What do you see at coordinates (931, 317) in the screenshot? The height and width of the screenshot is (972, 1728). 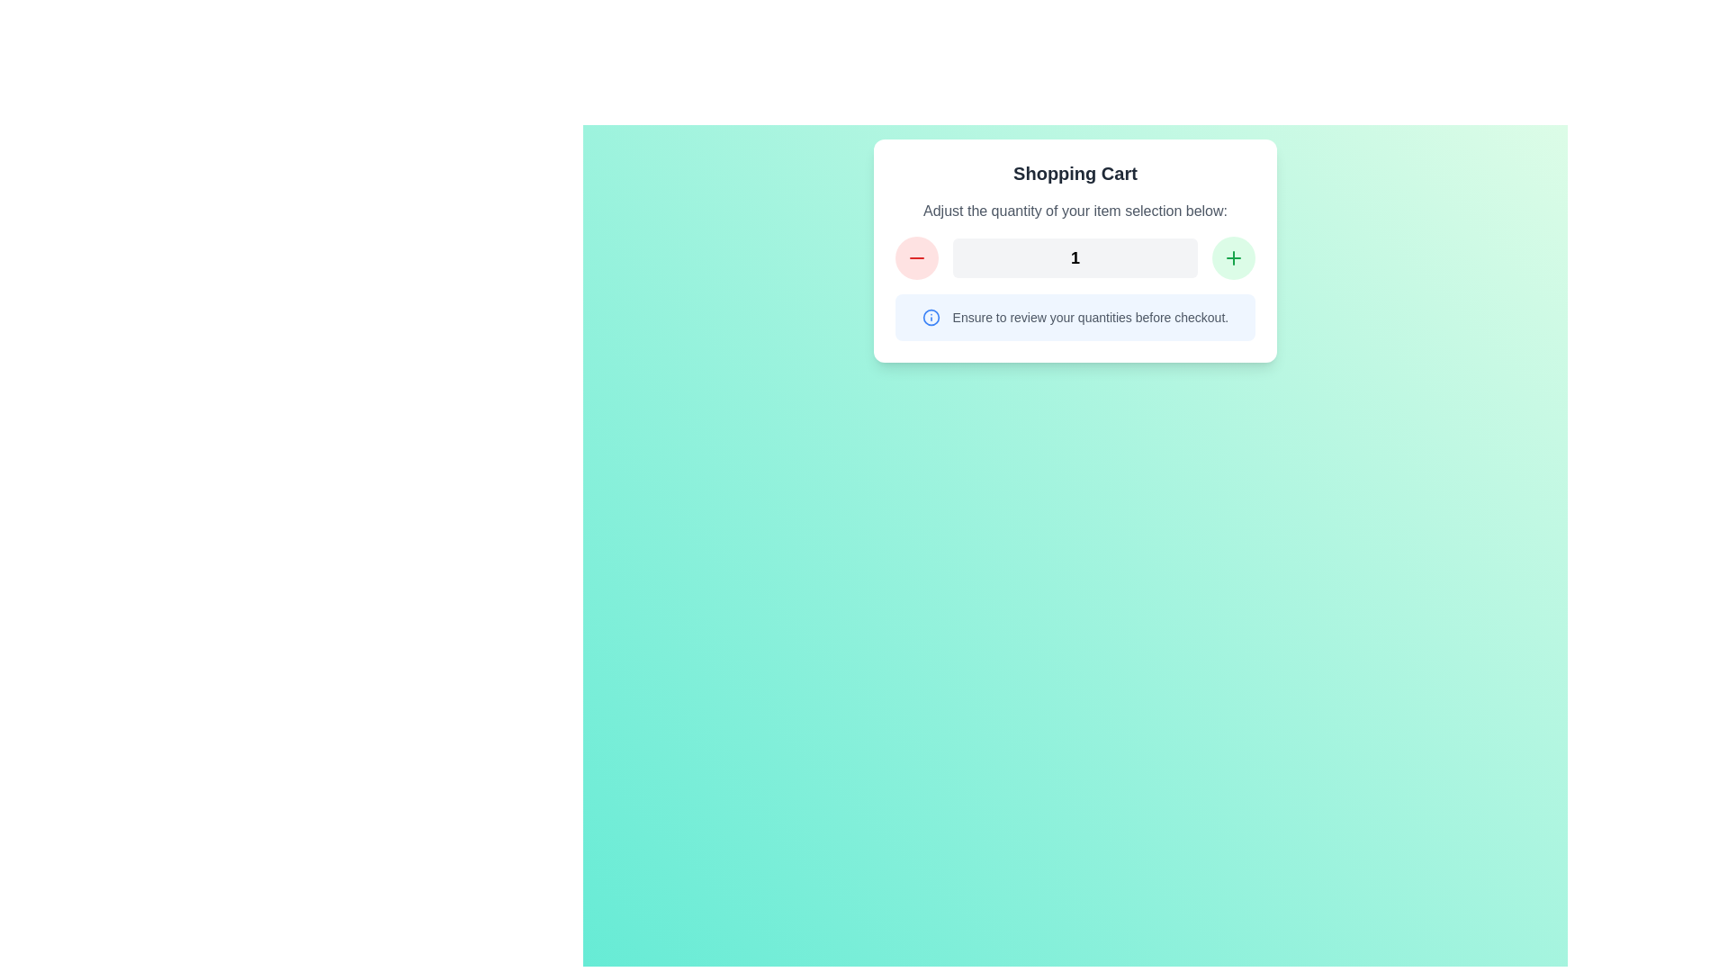 I see `the circular icon with a blue border and an 'info' symbol at its center, which is located to the left of the text 'Ensure to review your quantities before checkout.'` at bounding box center [931, 317].